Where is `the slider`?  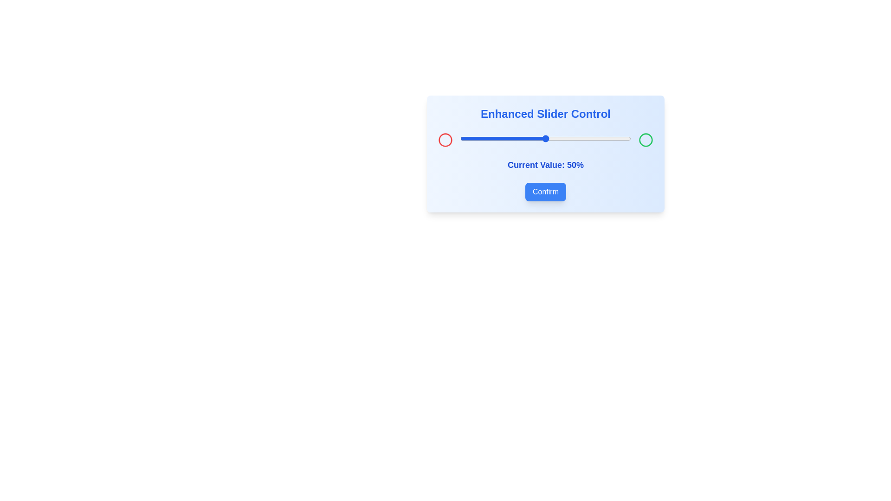
the slider is located at coordinates (620, 139).